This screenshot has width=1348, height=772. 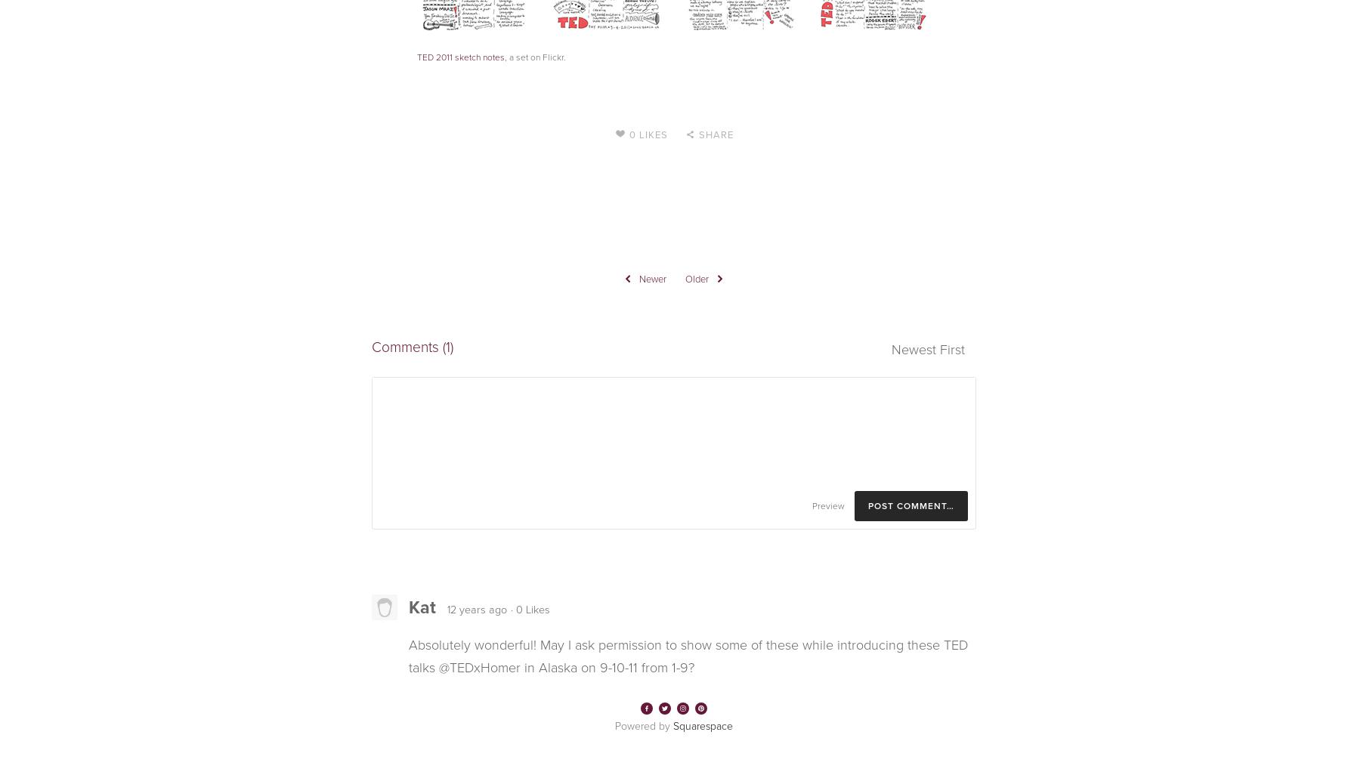 I want to click on 'Preview', so click(x=827, y=505).